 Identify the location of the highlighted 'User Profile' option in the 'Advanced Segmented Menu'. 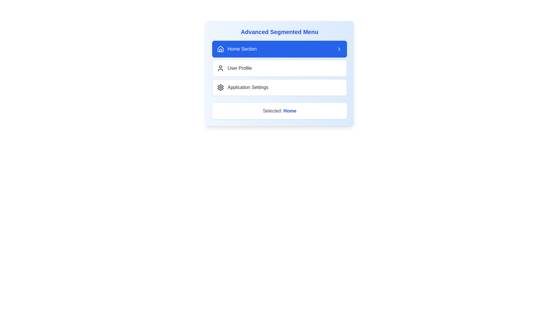
(279, 73).